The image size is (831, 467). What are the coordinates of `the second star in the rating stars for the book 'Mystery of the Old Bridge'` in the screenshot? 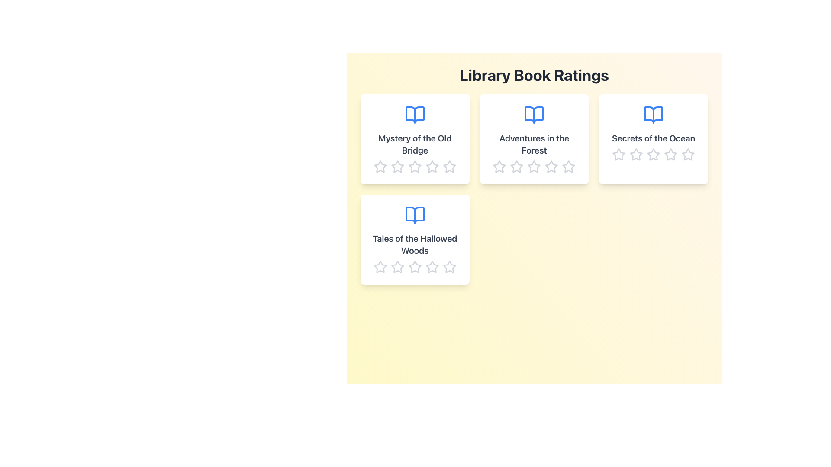 It's located at (449, 166).